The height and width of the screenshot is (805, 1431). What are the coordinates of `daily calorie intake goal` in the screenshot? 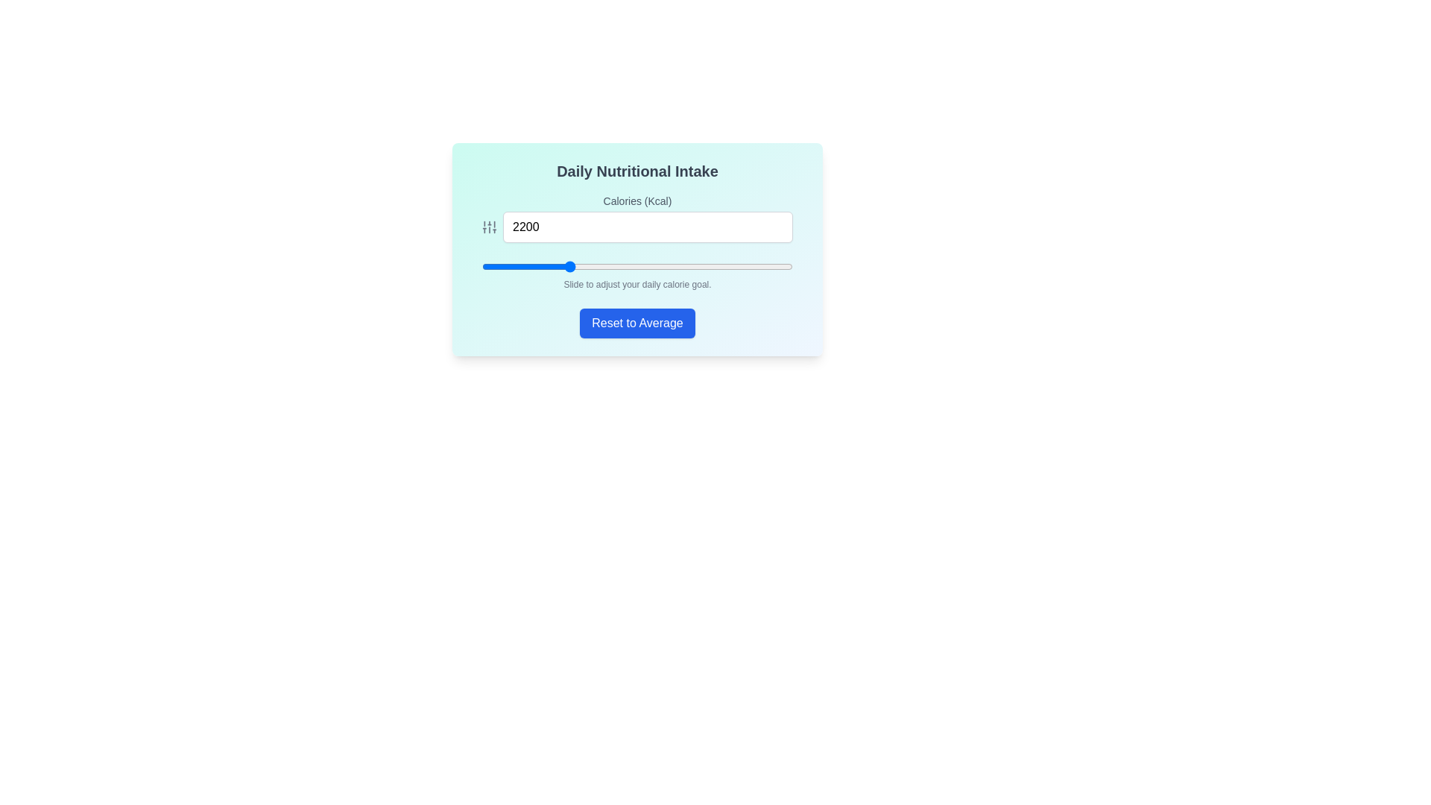 It's located at (490, 266).